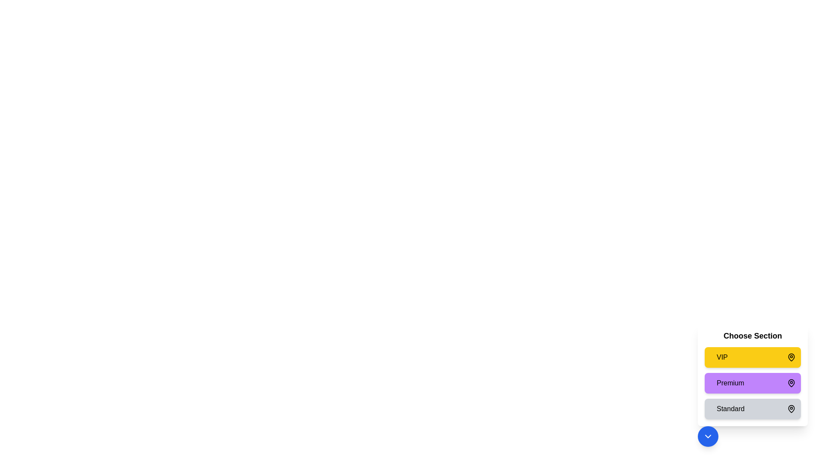  Describe the element at coordinates (752, 357) in the screenshot. I see `the seating section VIP by clicking on the respective section card` at that location.